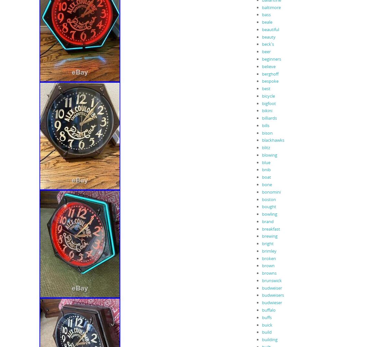 The width and height of the screenshot is (383, 347). I want to click on 'blowing', so click(269, 155).